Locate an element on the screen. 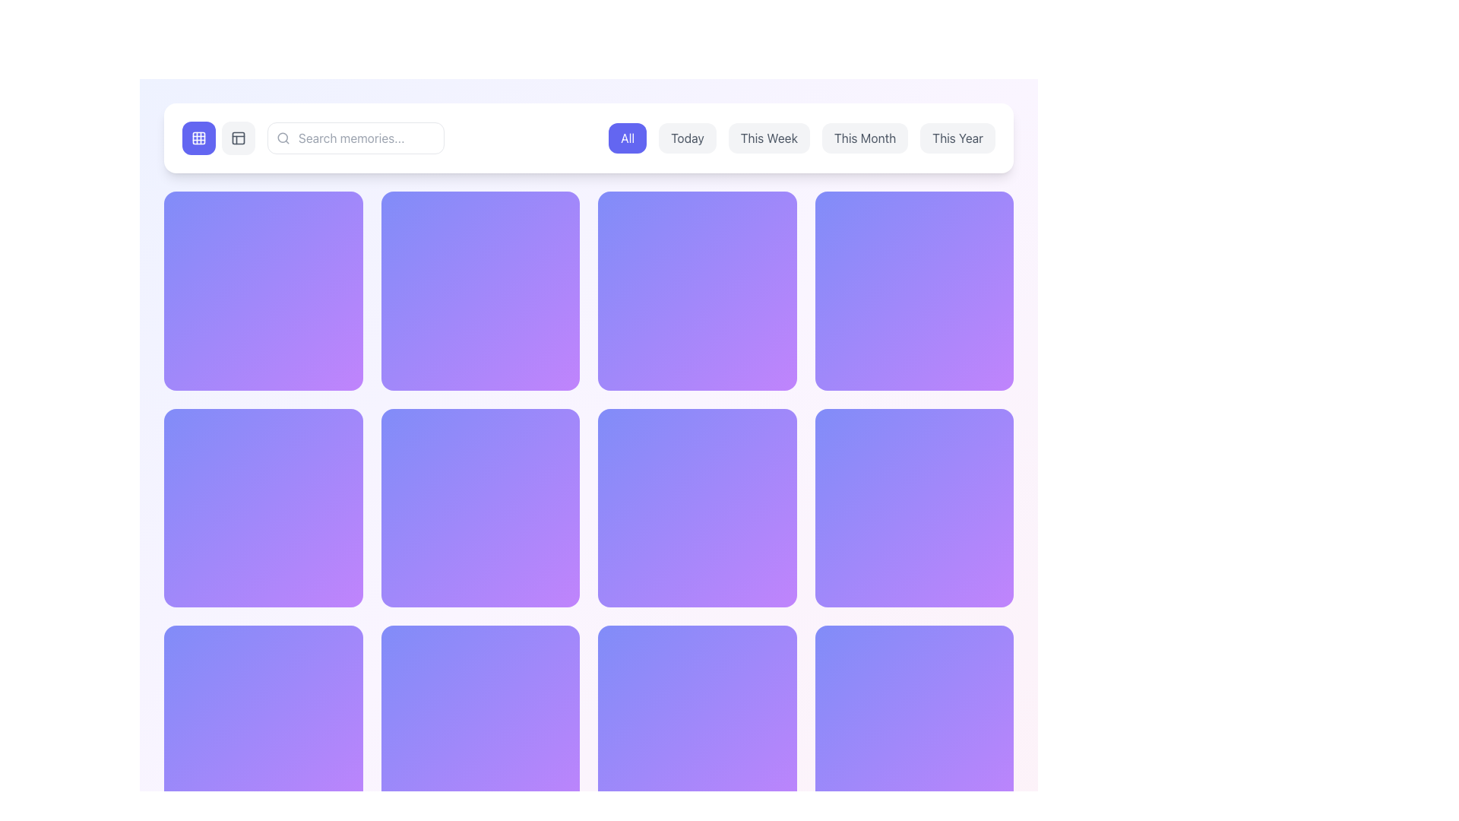 The width and height of the screenshot is (1459, 821). the first grid cell located is located at coordinates (214, 361).